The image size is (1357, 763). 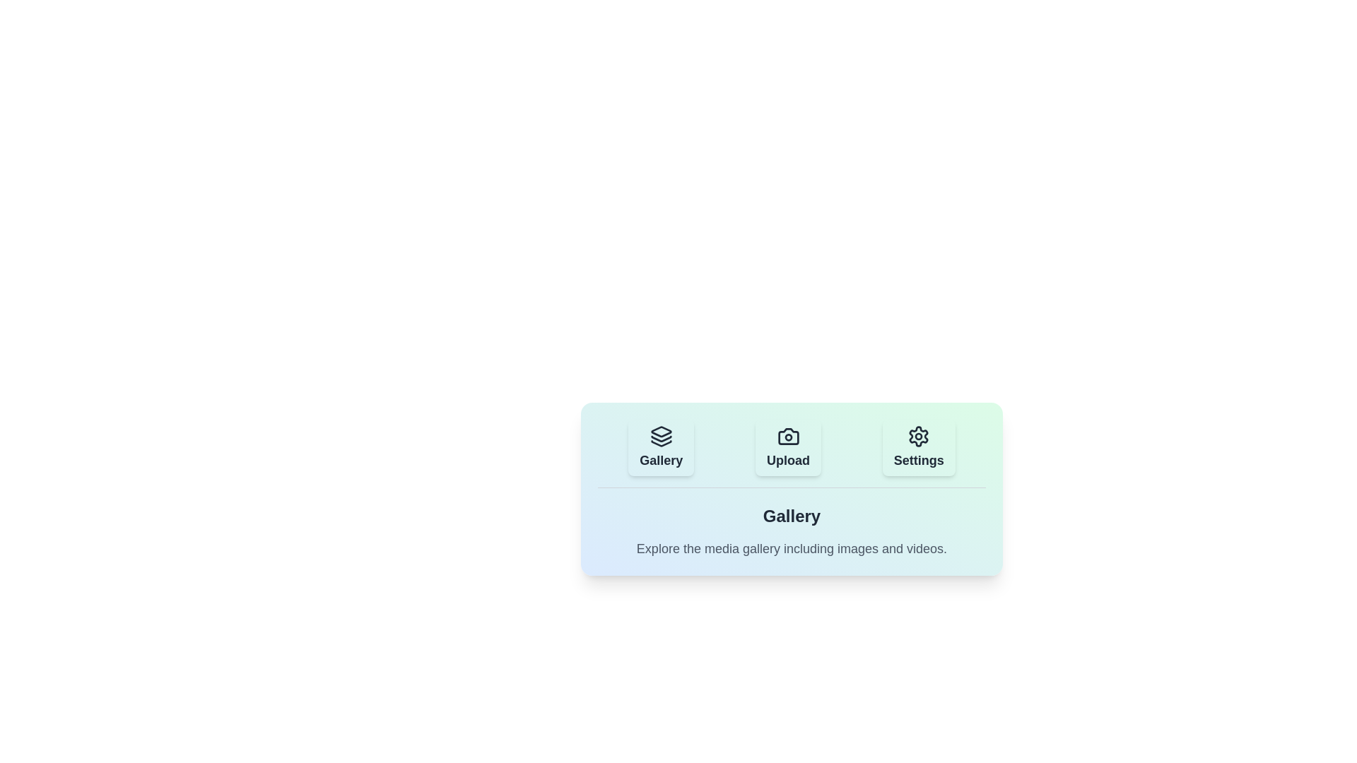 I want to click on the tab button labeled Settings to observe visual feedback, so click(x=919, y=447).